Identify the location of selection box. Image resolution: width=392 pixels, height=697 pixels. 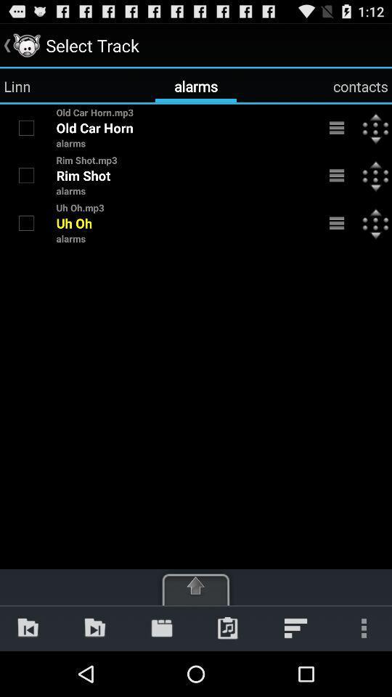
(26, 127).